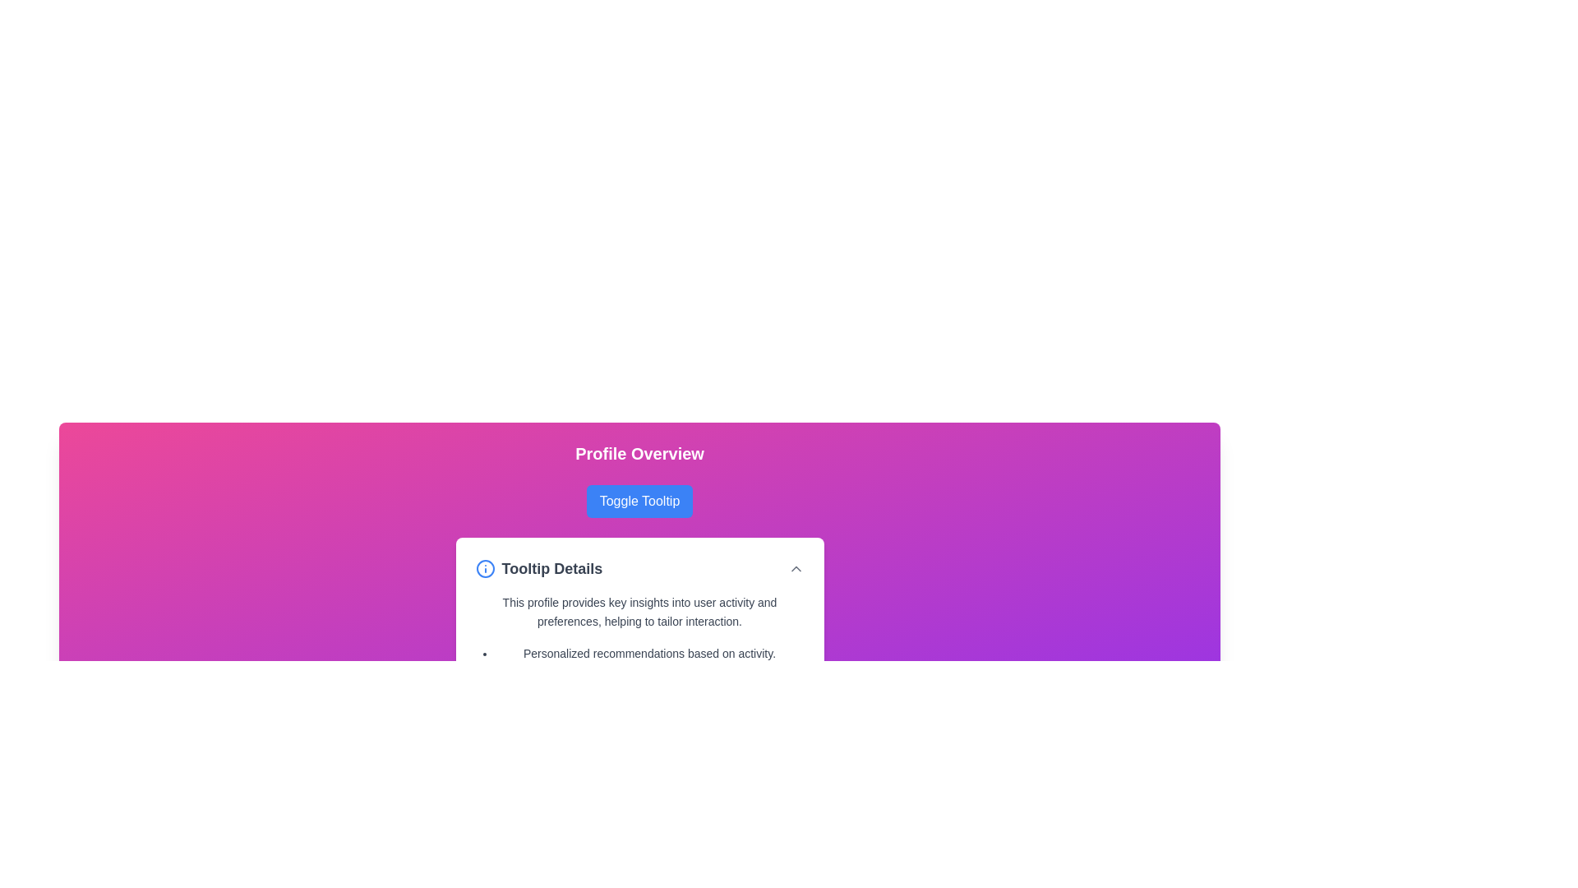 The width and height of the screenshot is (1578, 888). I want to click on the Circular SVG element that represents an information icon next to the 'Tooltip Details' header within the tooltip section of a white card, so click(484, 567).